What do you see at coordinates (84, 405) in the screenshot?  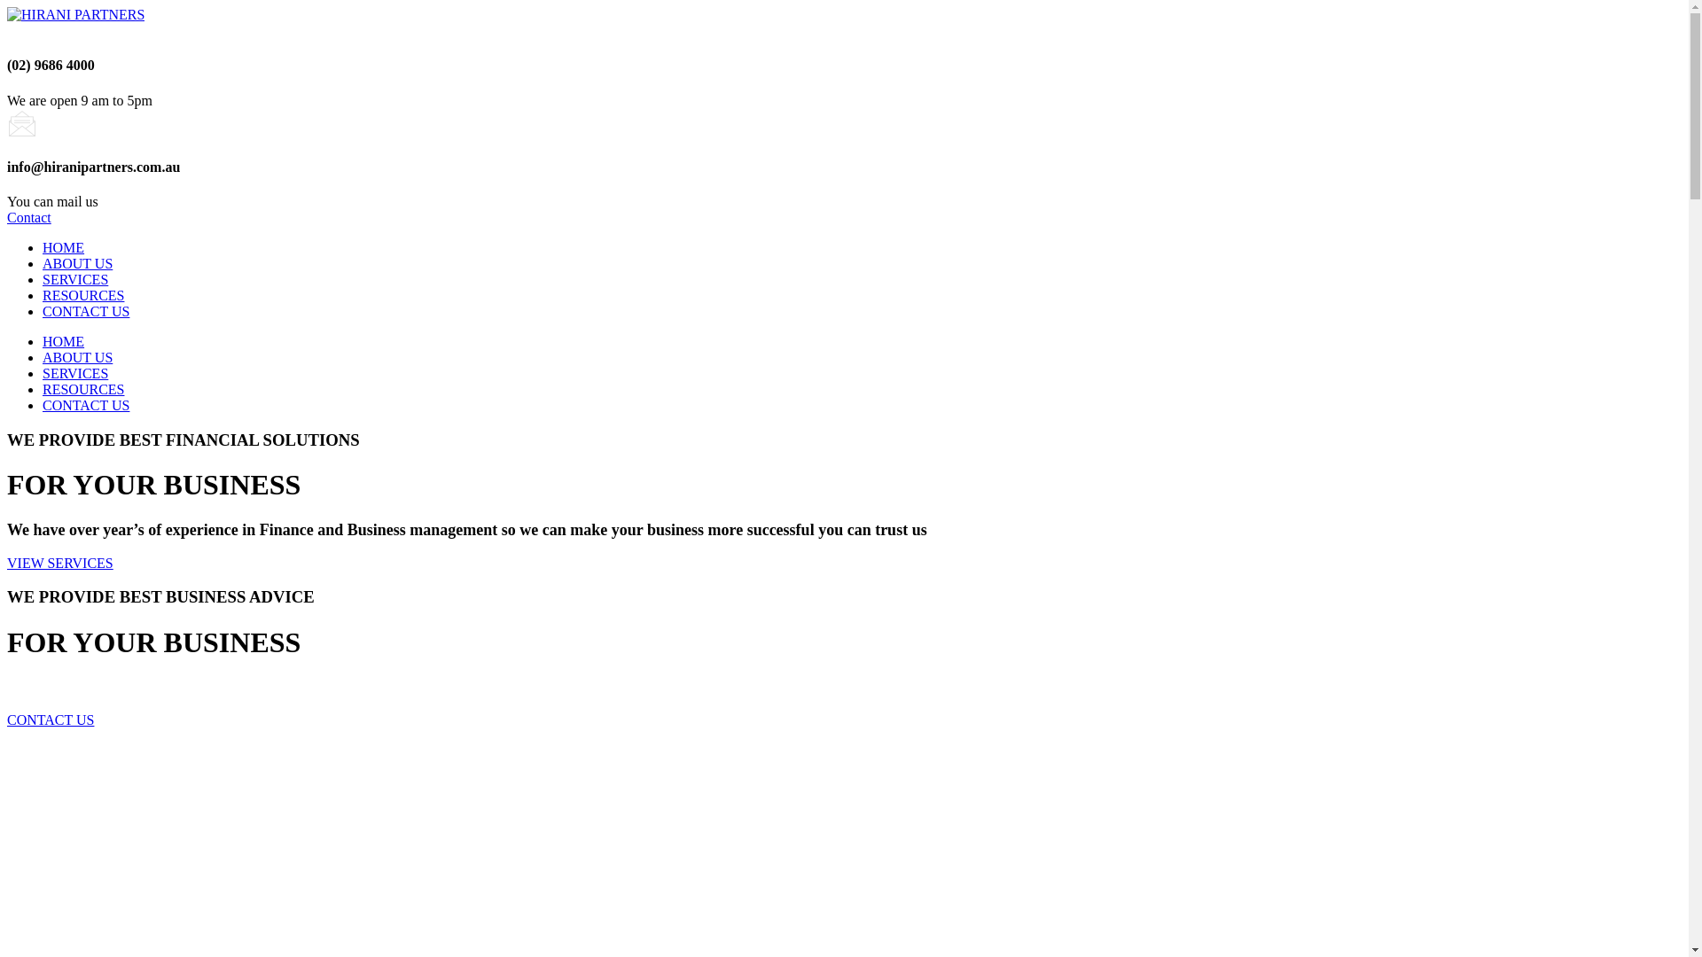 I see `'CONTACT US'` at bounding box center [84, 405].